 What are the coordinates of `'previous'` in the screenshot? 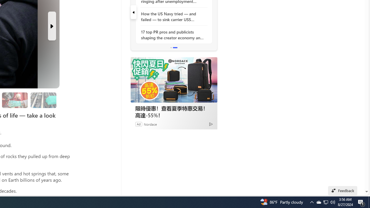 It's located at (133, 12).